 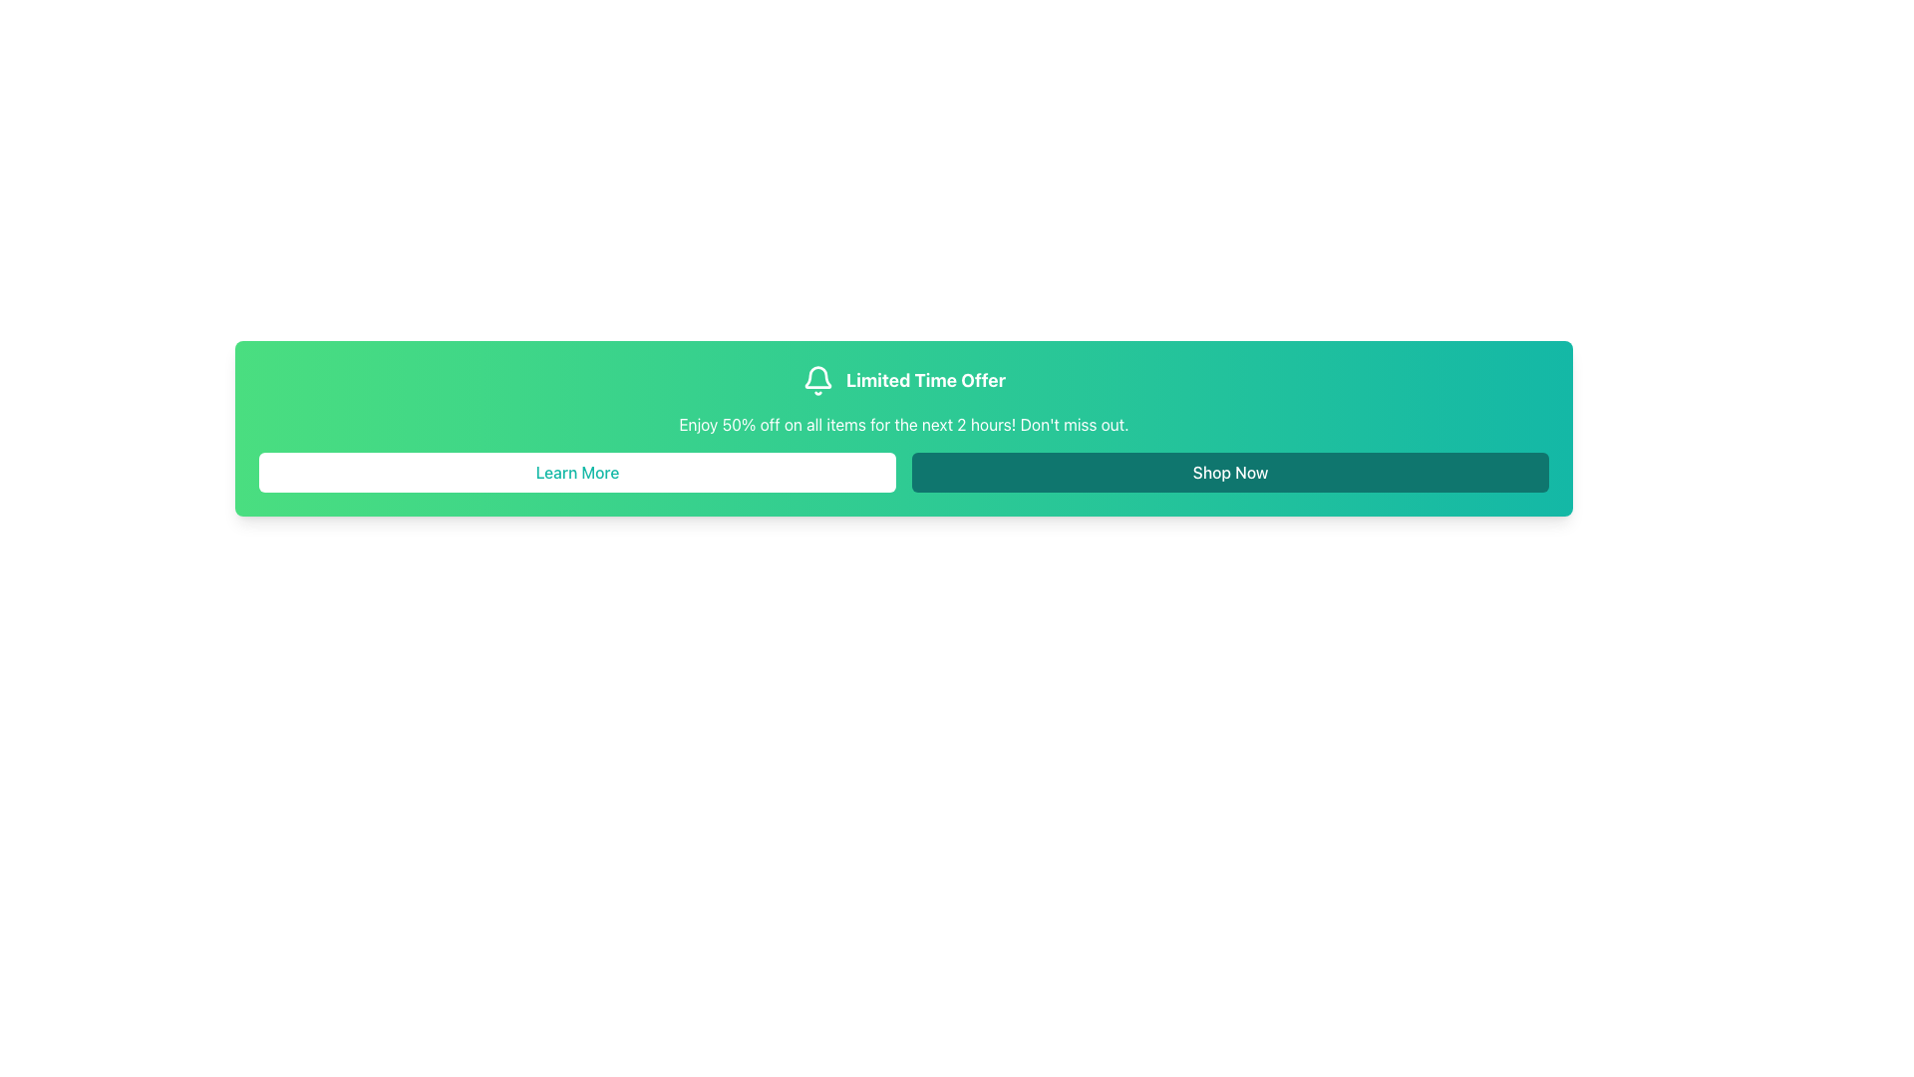 What do you see at coordinates (1229, 473) in the screenshot?
I see `the 'Shop Now' button` at bounding box center [1229, 473].